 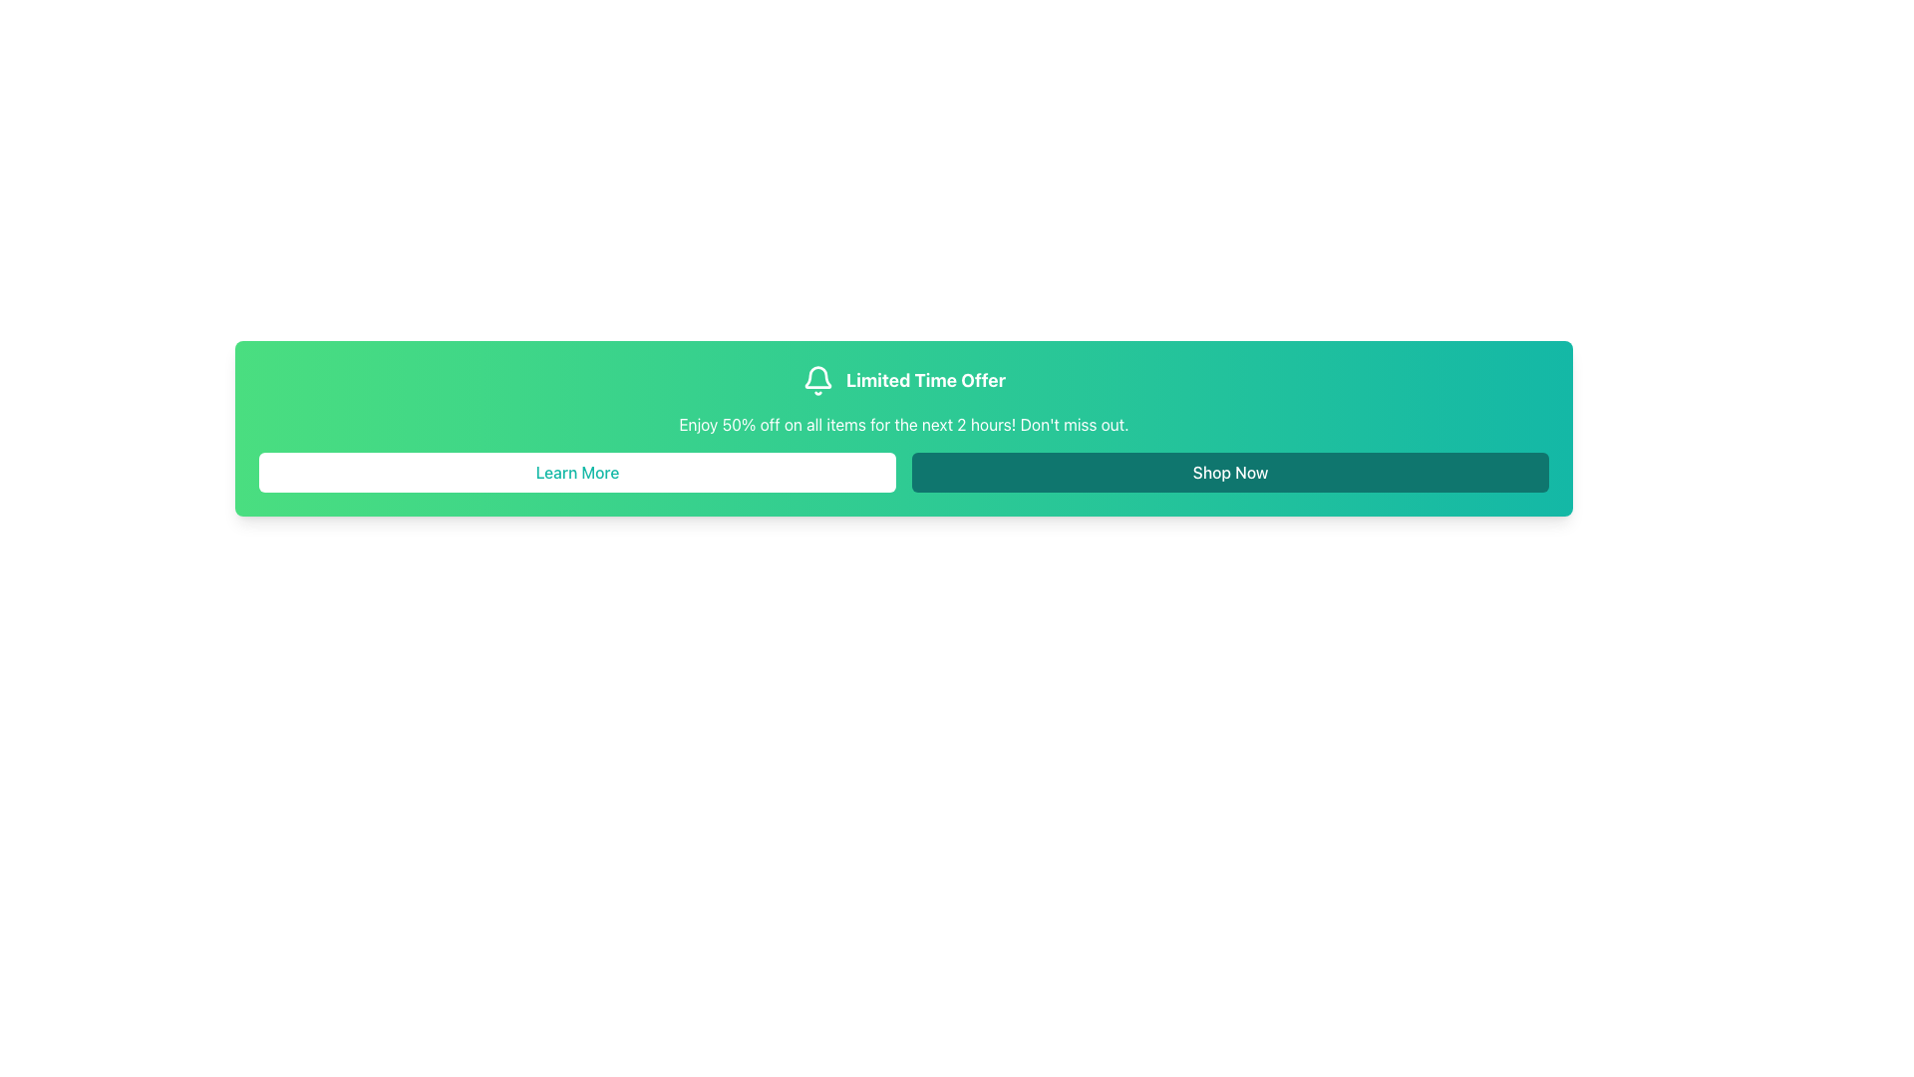 What do you see at coordinates (1229, 473) in the screenshot?
I see `the 'Shop Now' button` at bounding box center [1229, 473].